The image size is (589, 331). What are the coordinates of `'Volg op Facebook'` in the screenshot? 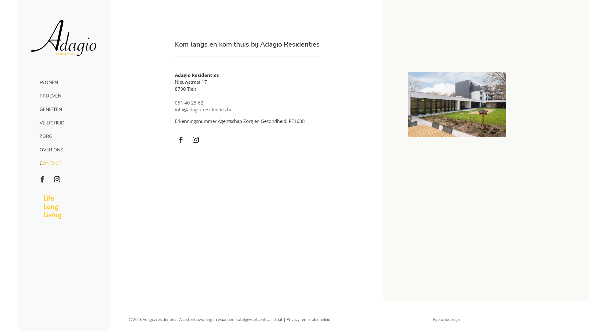 It's located at (181, 139).